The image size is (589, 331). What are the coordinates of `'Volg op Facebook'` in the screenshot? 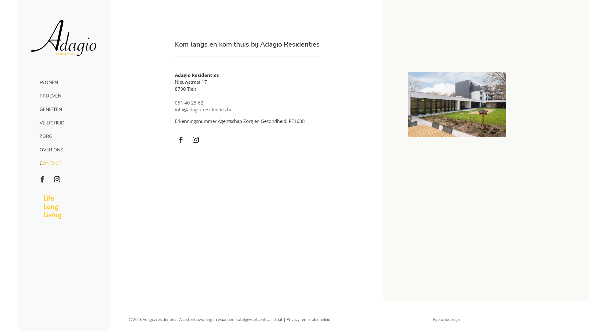 It's located at (181, 139).